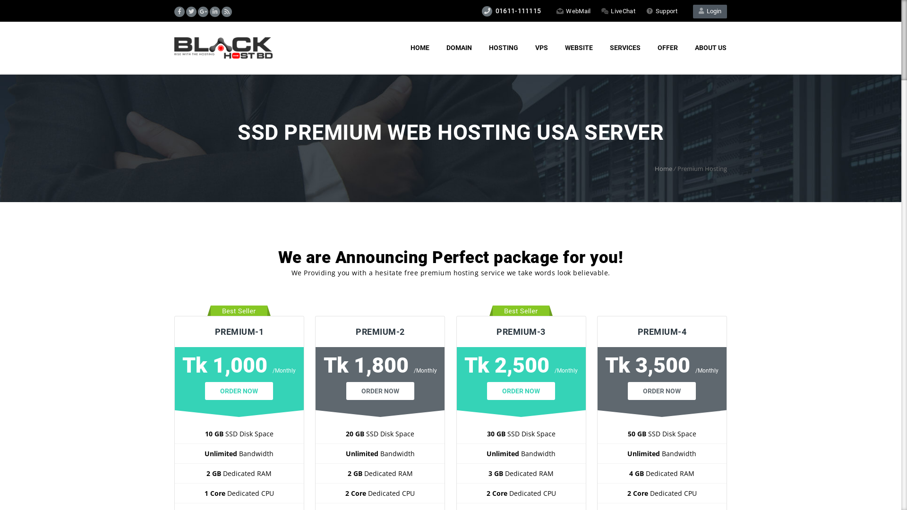 The image size is (907, 510). I want to click on 'WEBSITE', so click(556, 48).